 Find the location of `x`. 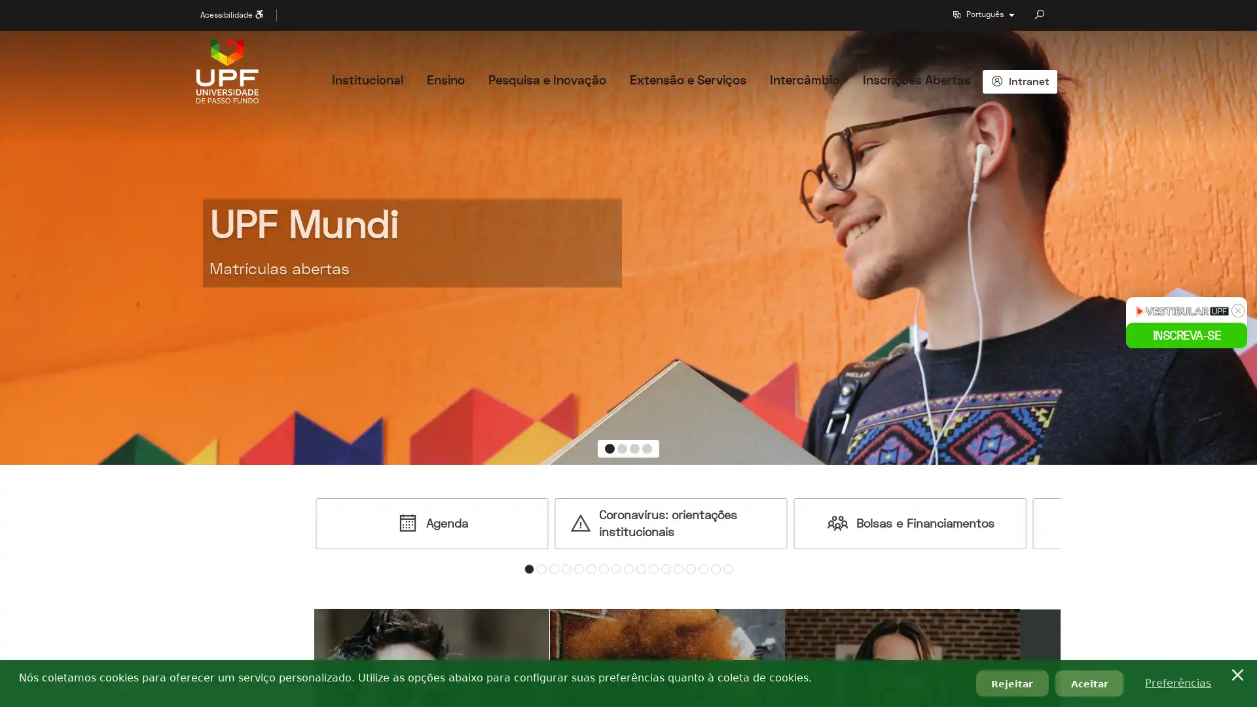

x is located at coordinates (1237, 310).